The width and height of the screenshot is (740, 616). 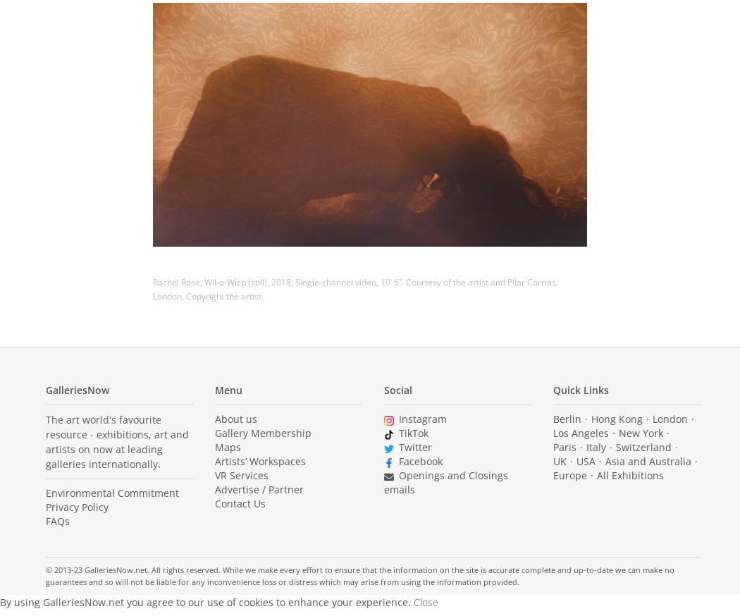 What do you see at coordinates (259, 460) in the screenshot?
I see `'Artists’ Workspaces'` at bounding box center [259, 460].